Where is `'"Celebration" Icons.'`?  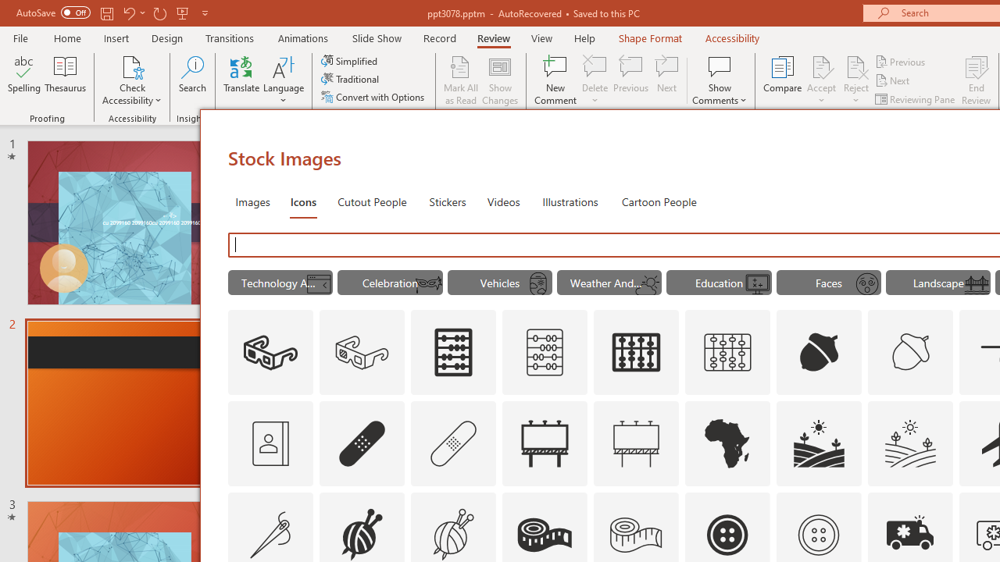 '"Celebration" Icons.' is located at coordinates (390, 283).